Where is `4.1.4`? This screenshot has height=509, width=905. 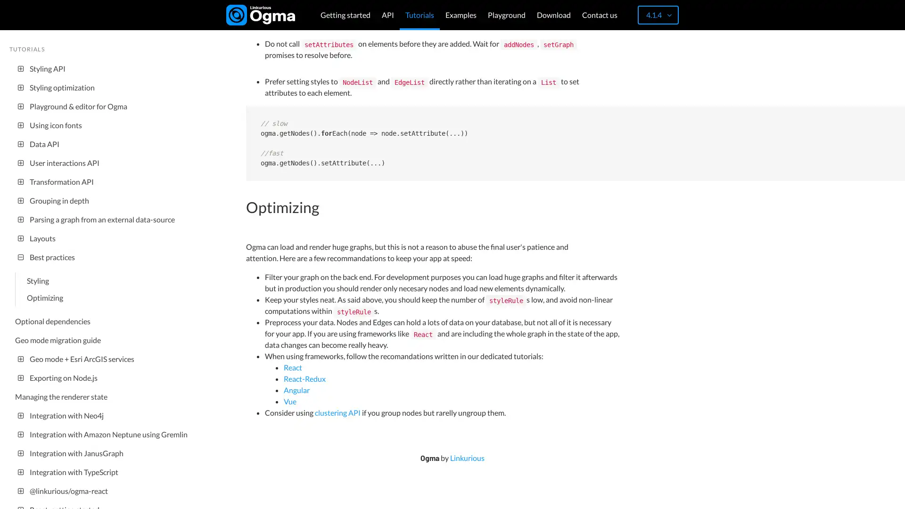 4.1.4 is located at coordinates (658, 15).